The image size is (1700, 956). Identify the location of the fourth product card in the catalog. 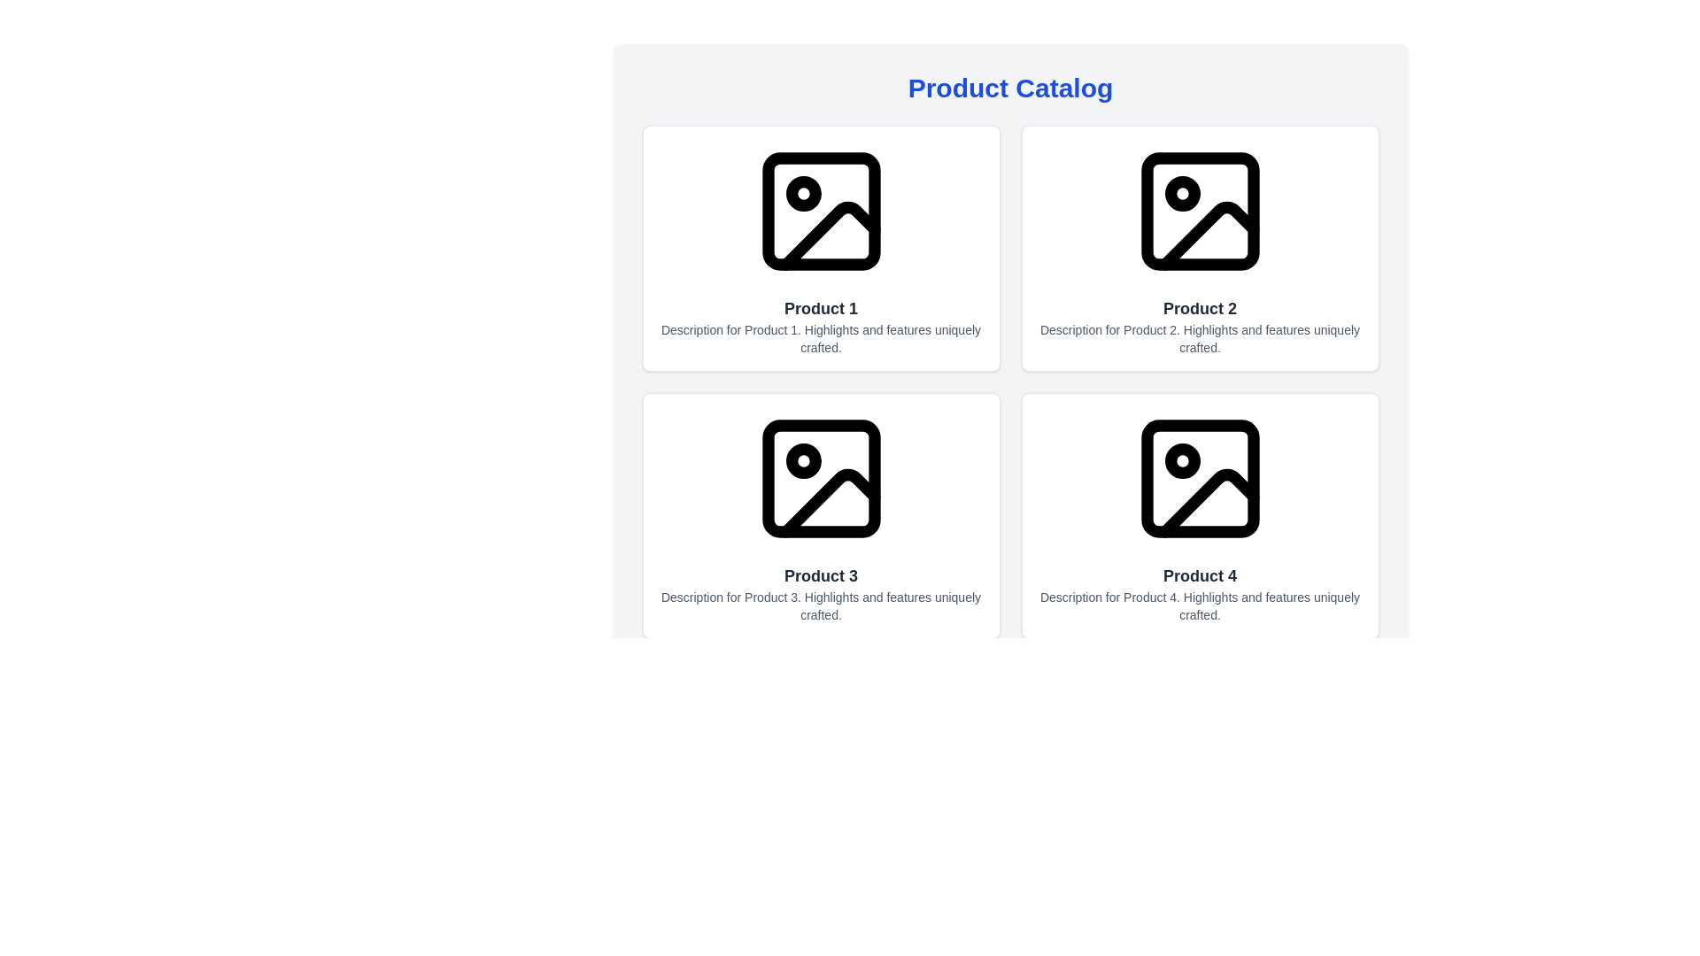
(1200, 515).